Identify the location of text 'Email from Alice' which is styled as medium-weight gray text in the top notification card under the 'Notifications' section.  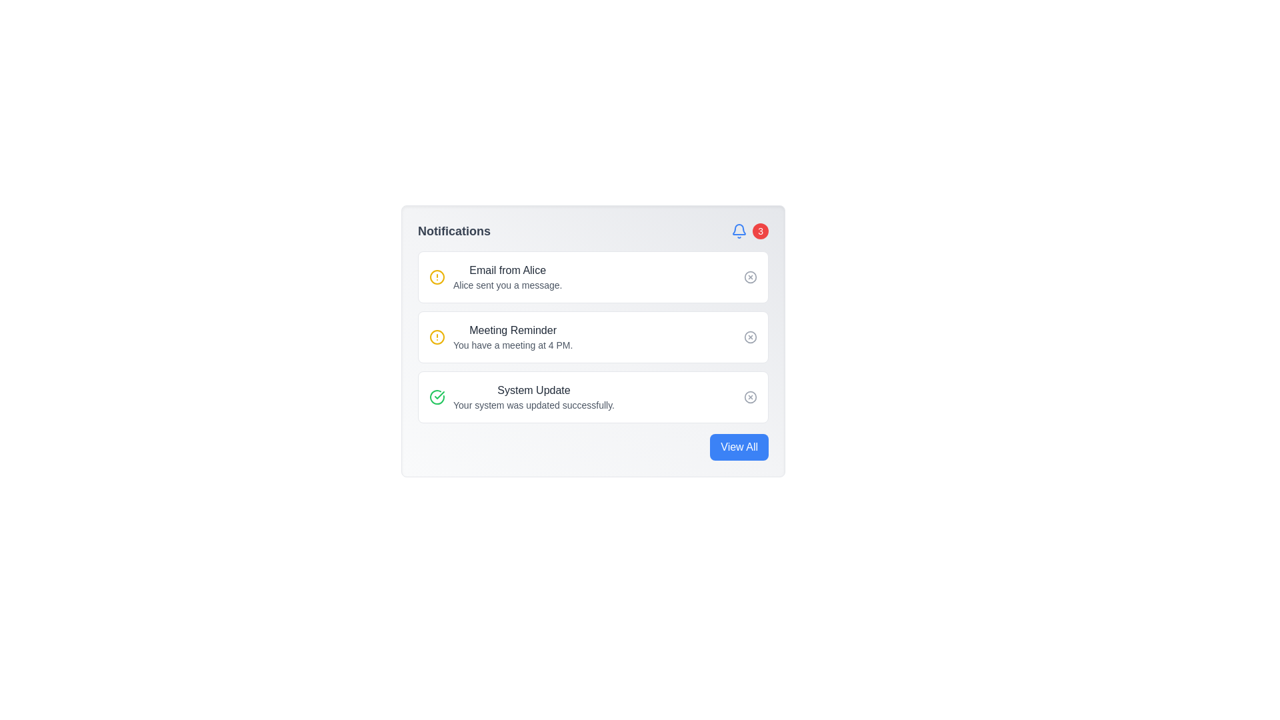
(507, 270).